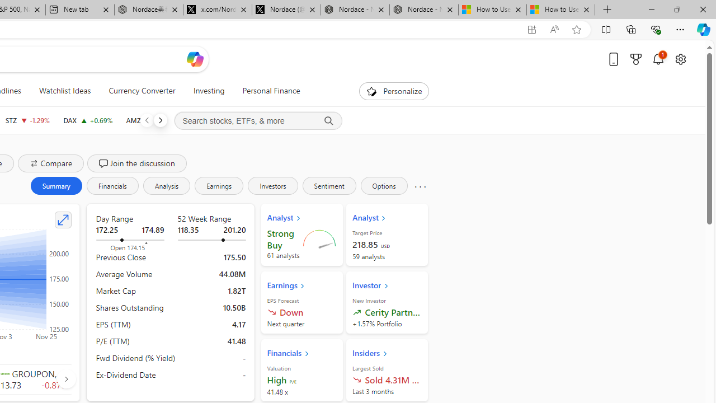 This screenshot has height=403, width=716. Describe the element at coordinates (286, 10) in the screenshot. I see `'Nordace (@NordaceOfficial) / X'` at that location.